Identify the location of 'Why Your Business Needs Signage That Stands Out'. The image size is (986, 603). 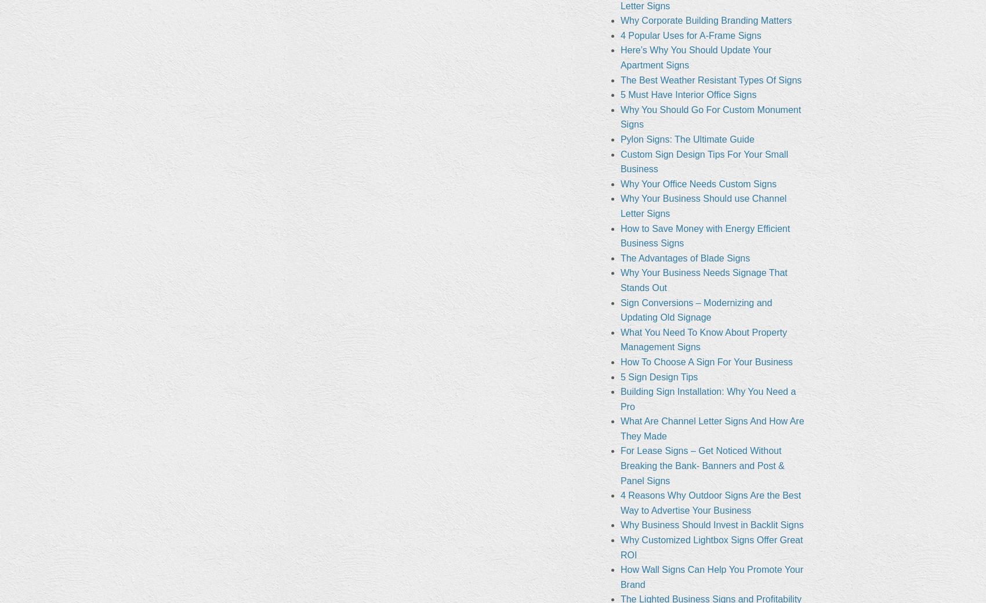
(702, 279).